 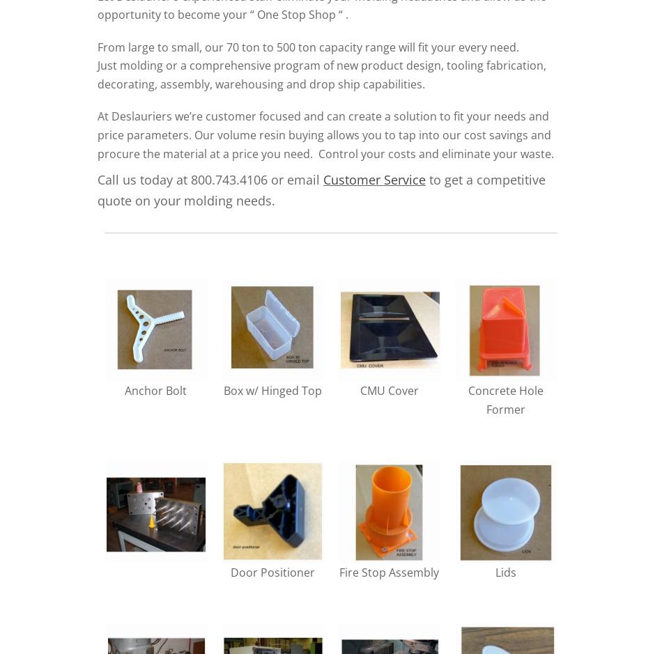 What do you see at coordinates (389, 389) in the screenshot?
I see `'CMU Cover'` at bounding box center [389, 389].